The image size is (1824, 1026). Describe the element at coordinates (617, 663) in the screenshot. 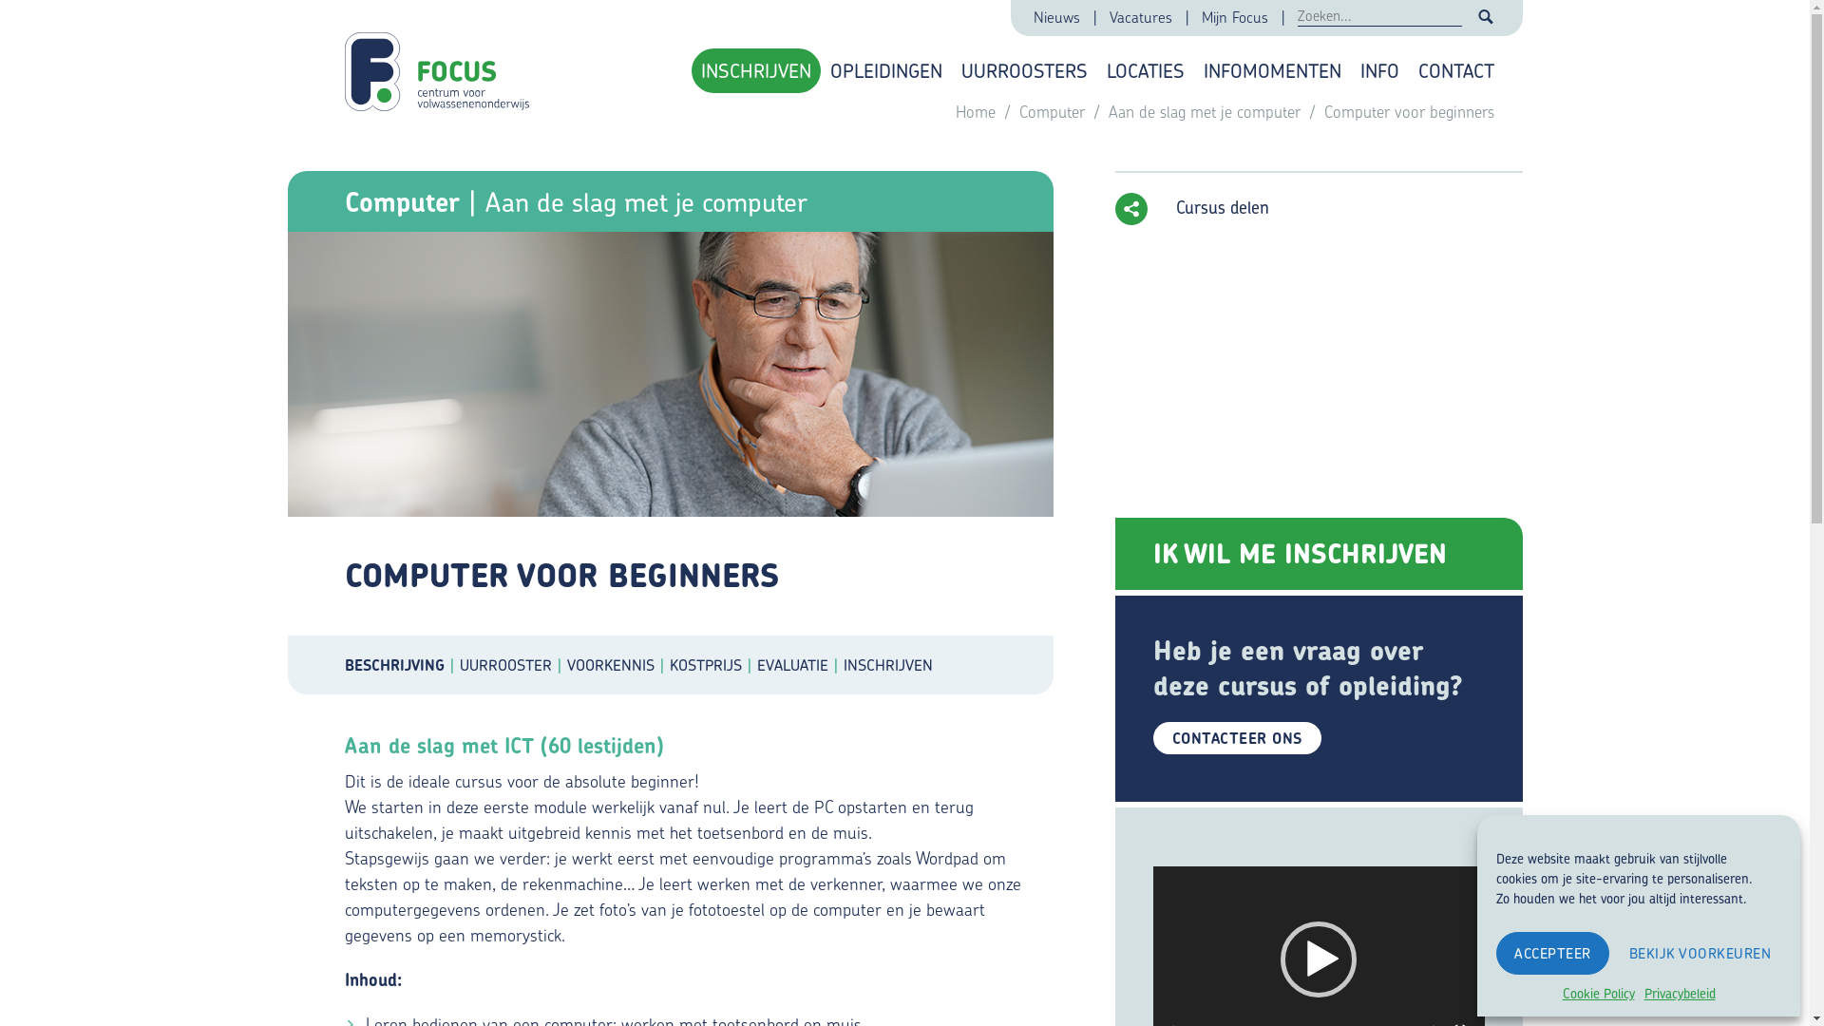

I see `'VOORKENNIS'` at that location.